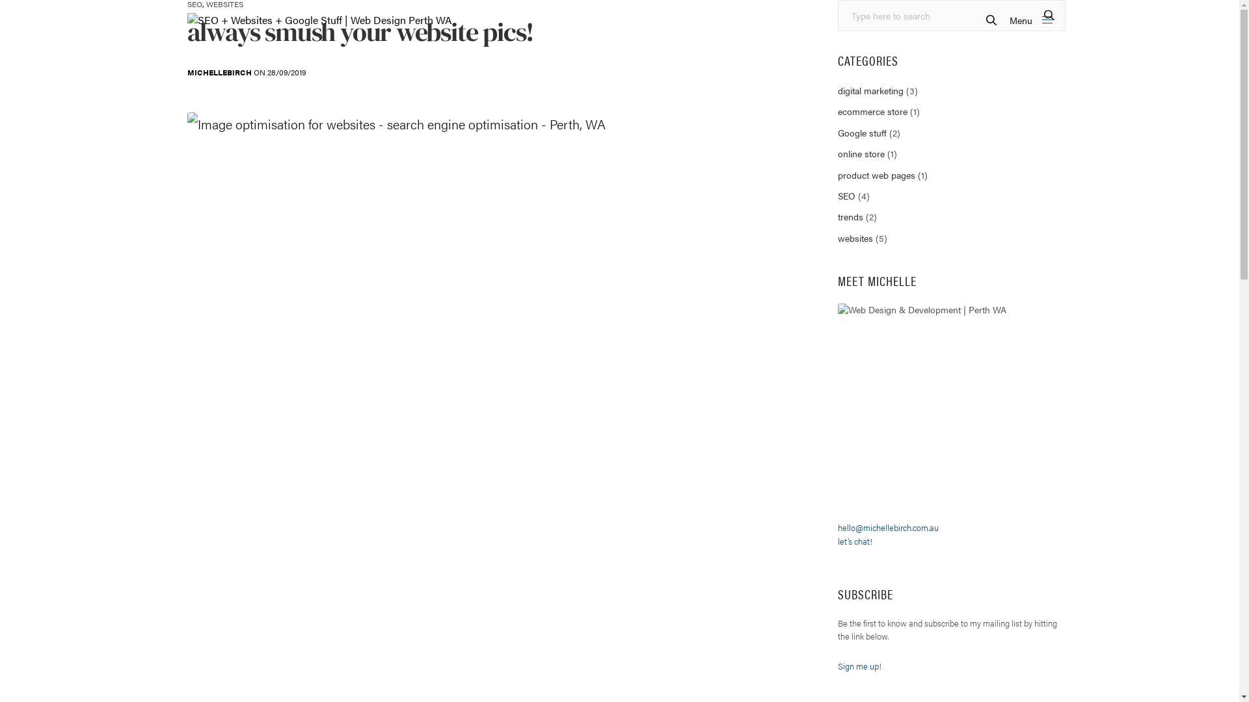  What do you see at coordinates (224, 4) in the screenshot?
I see `'WEBSITES'` at bounding box center [224, 4].